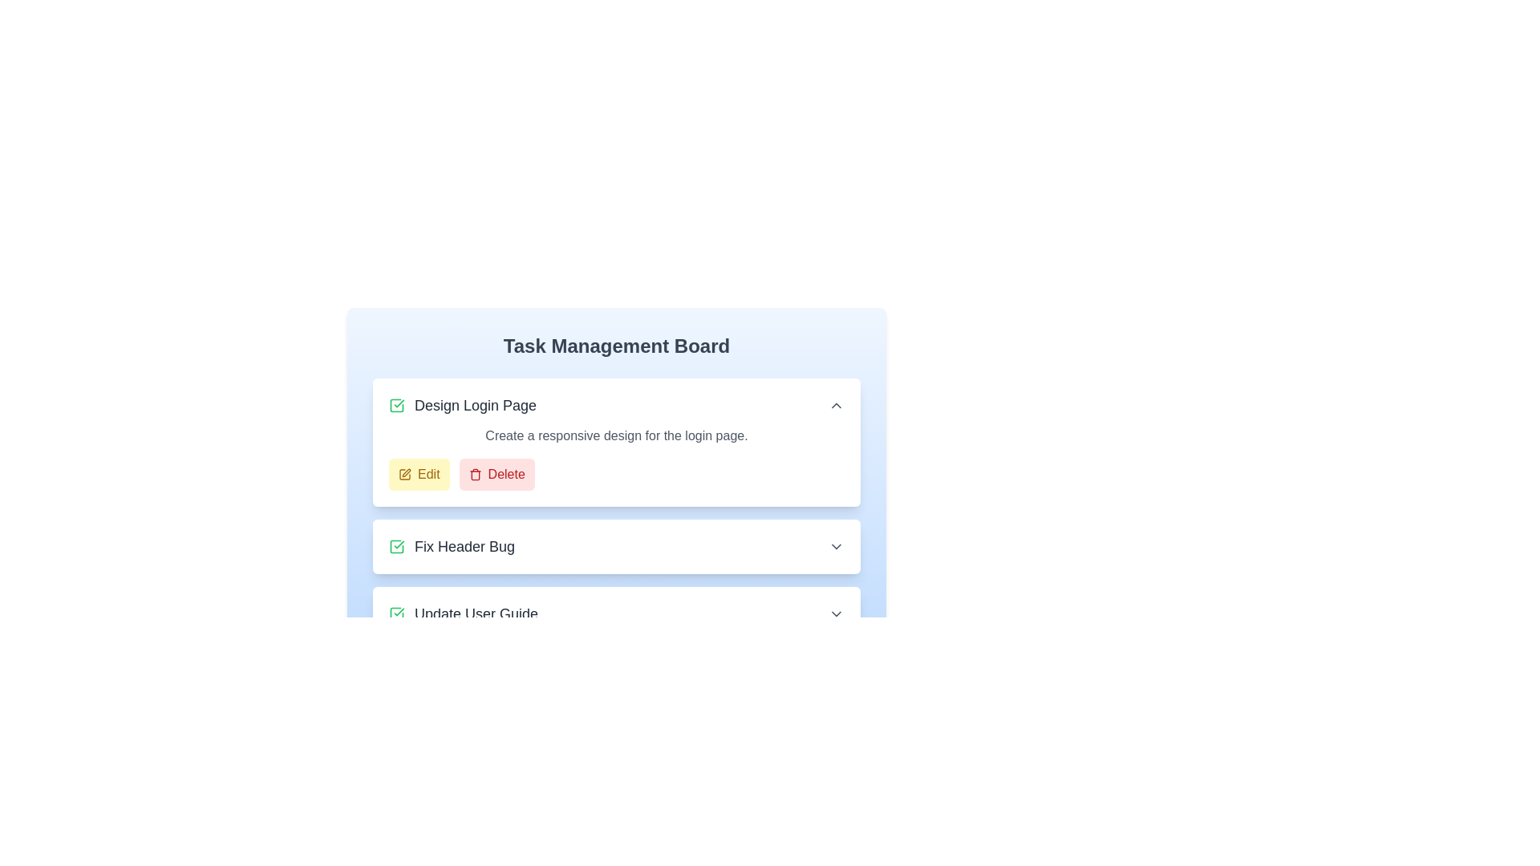  What do you see at coordinates (419, 473) in the screenshot?
I see `the 'Edit' button for the task titled 'Design Login Page'` at bounding box center [419, 473].